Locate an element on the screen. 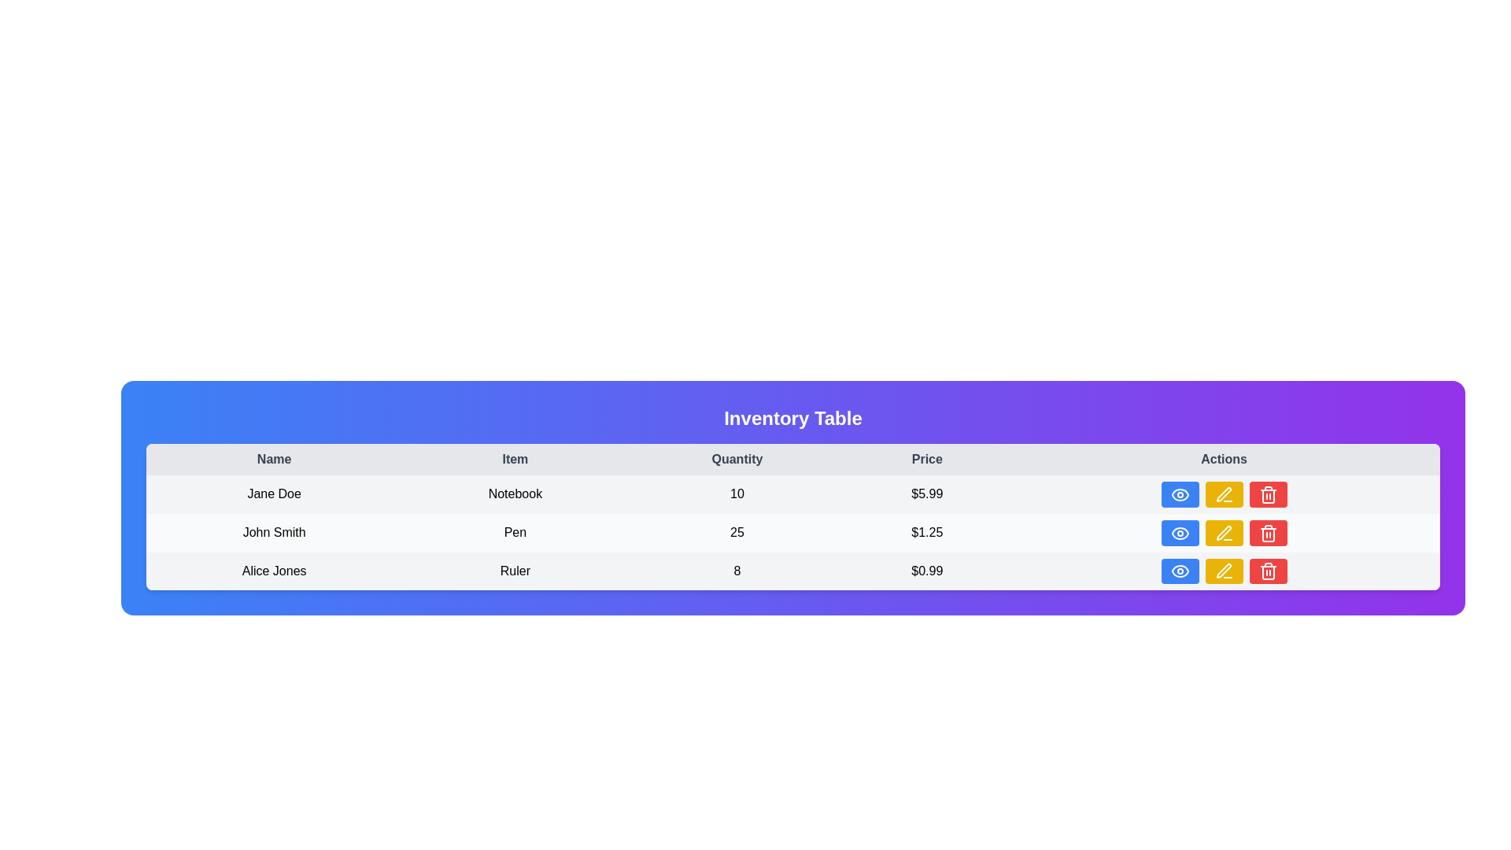 The width and height of the screenshot is (1511, 850). the column header that identifies the quantity values, positioned as the third cell from the left between 'Item' and 'Price' is located at coordinates (736, 459).